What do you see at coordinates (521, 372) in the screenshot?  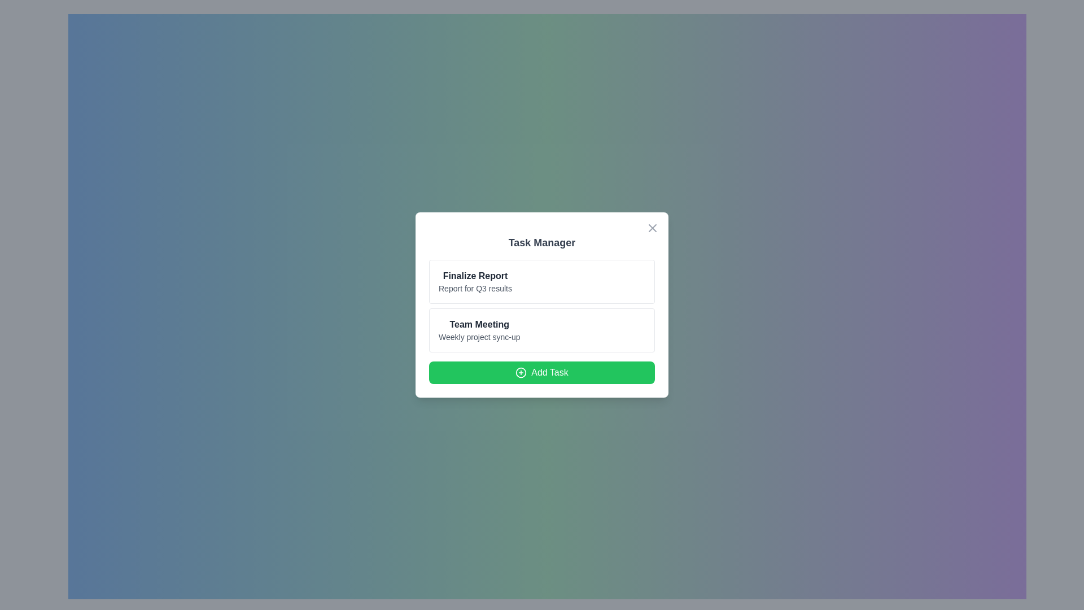 I see `the 'Add Task' button, which is represented by a plus symbol within a circle in the Task Manager modal` at bounding box center [521, 372].